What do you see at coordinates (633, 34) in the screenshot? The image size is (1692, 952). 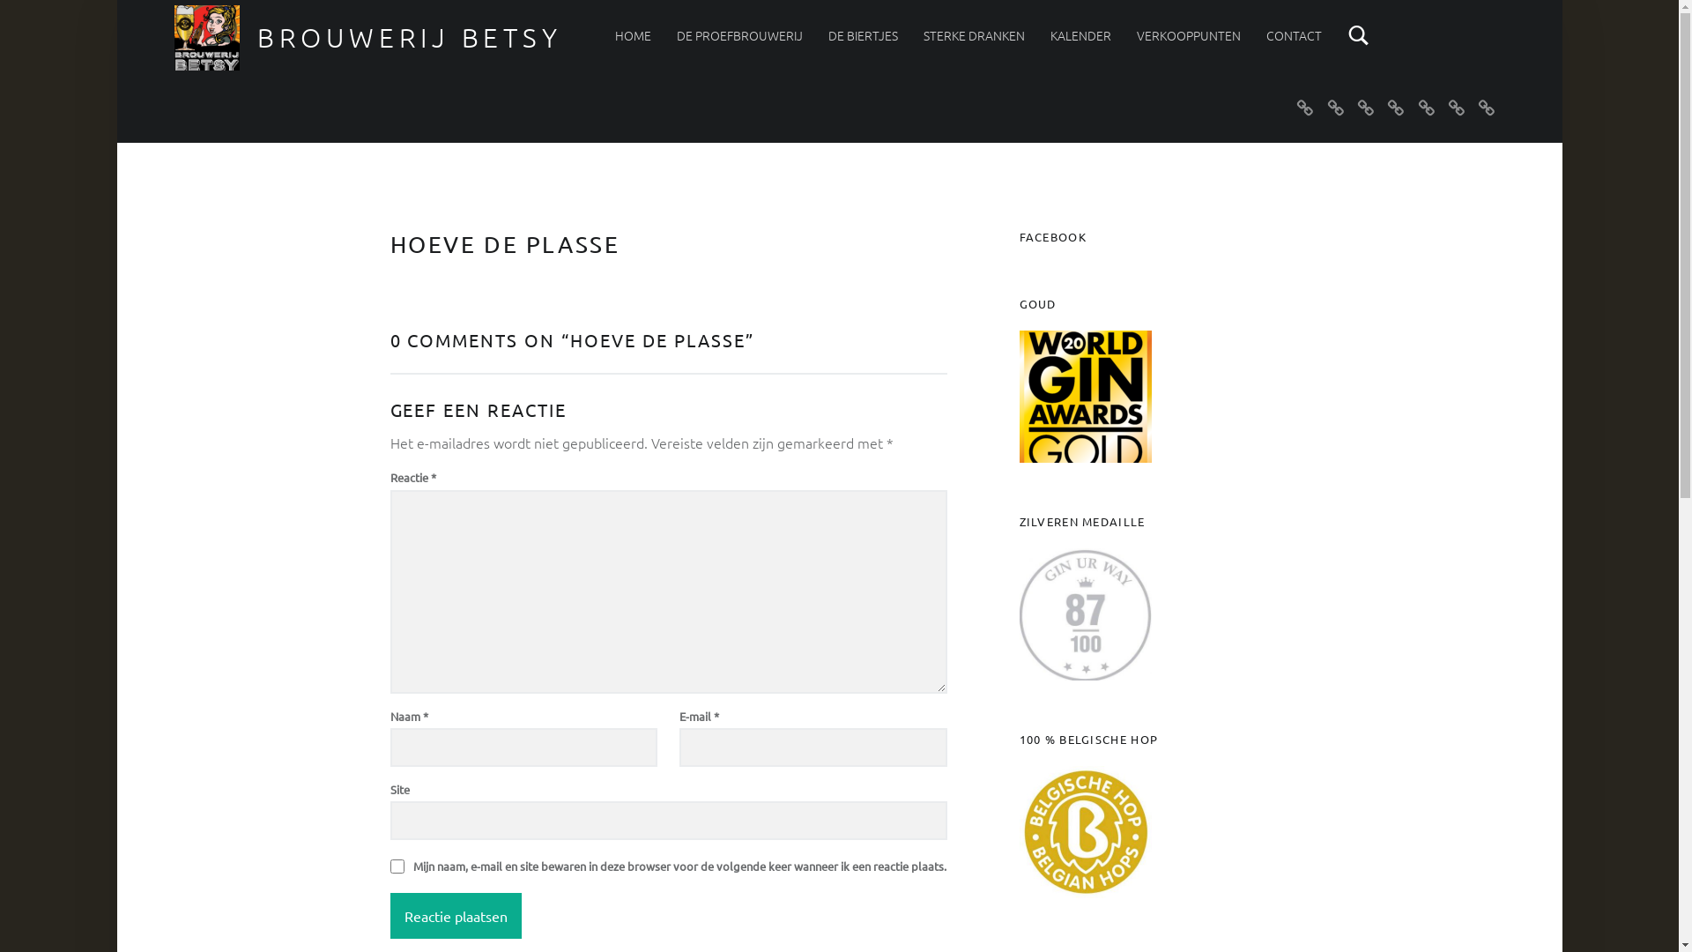 I see `'HOME'` at bounding box center [633, 34].